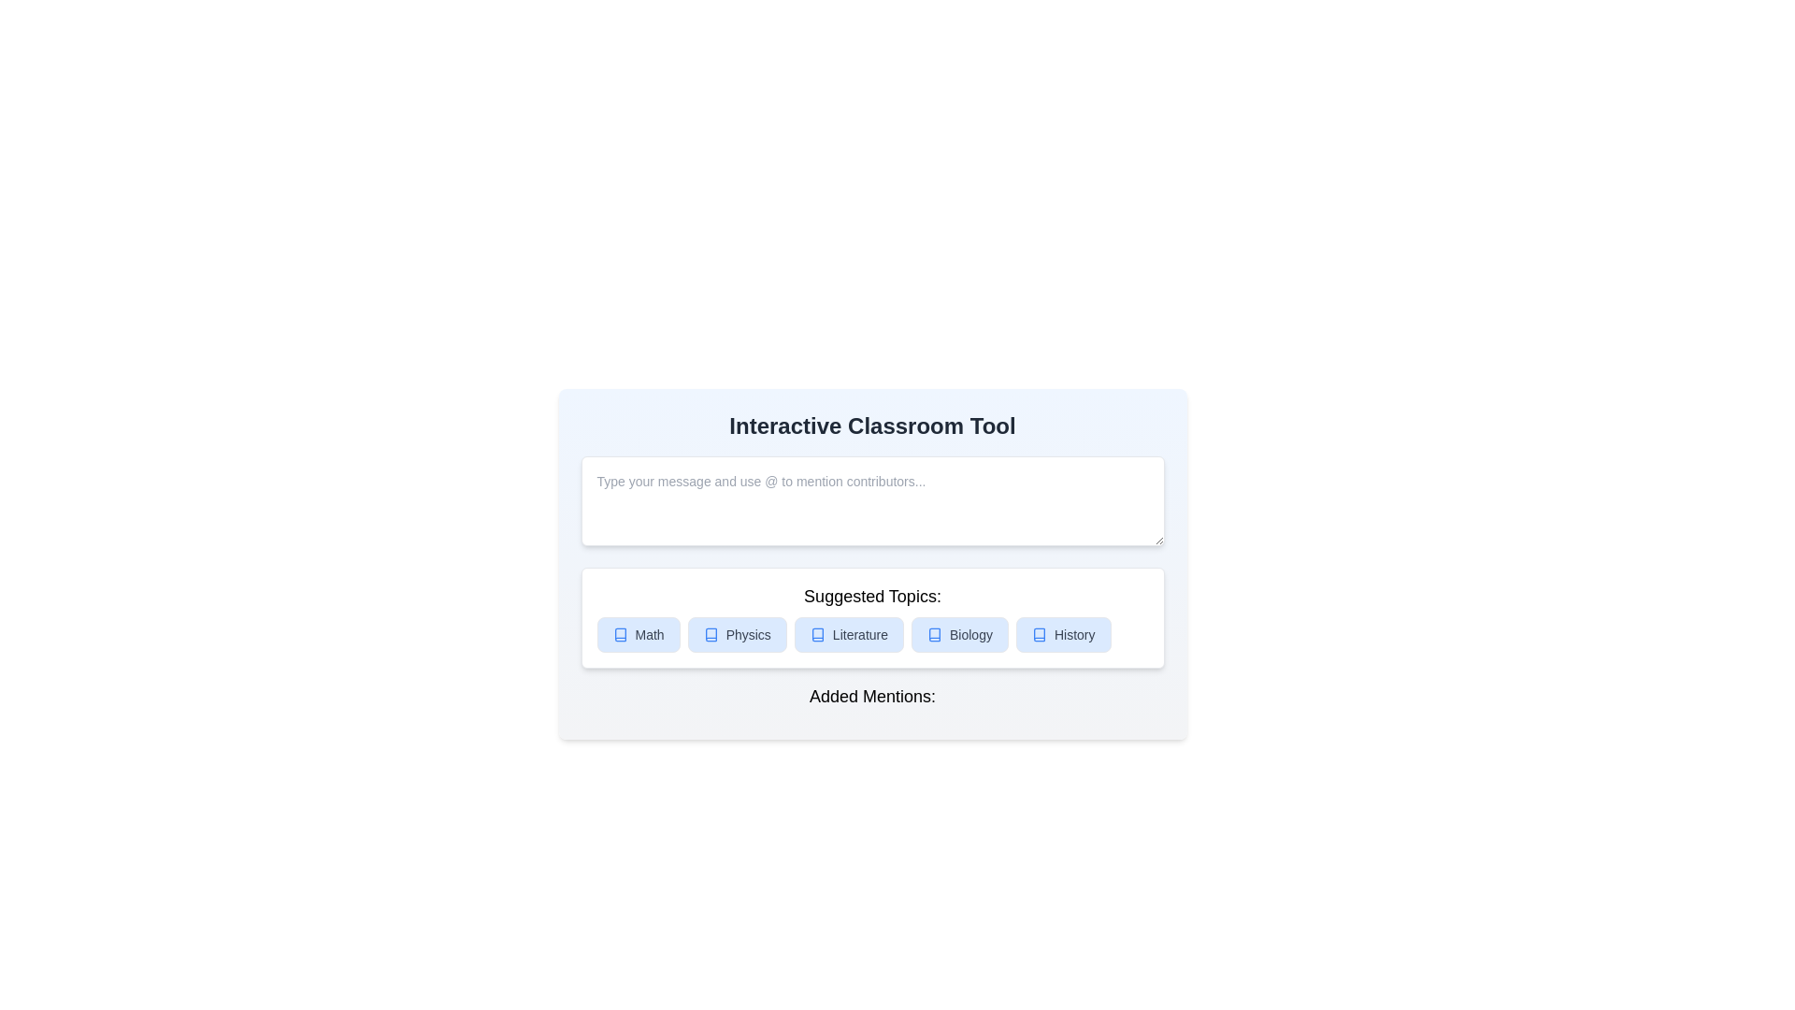 This screenshot has width=1795, height=1010. Describe the element at coordinates (871, 700) in the screenshot. I see `text label element displaying 'Added Mentions:' which is styled in a medium-sized bold font, located below the topic tags` at that location.